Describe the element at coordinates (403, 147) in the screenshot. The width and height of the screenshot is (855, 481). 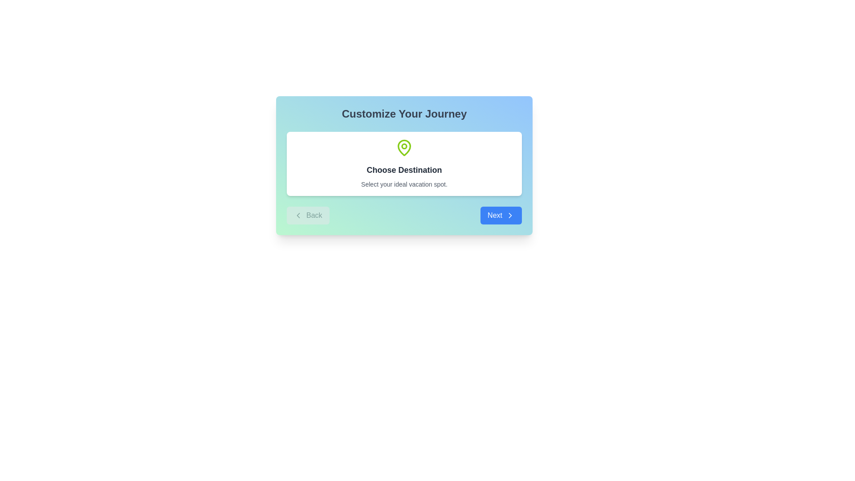
I see `the decorative icon representing a location or destination, which is centered within a white card above the 'Choose Destination' text` at that location.